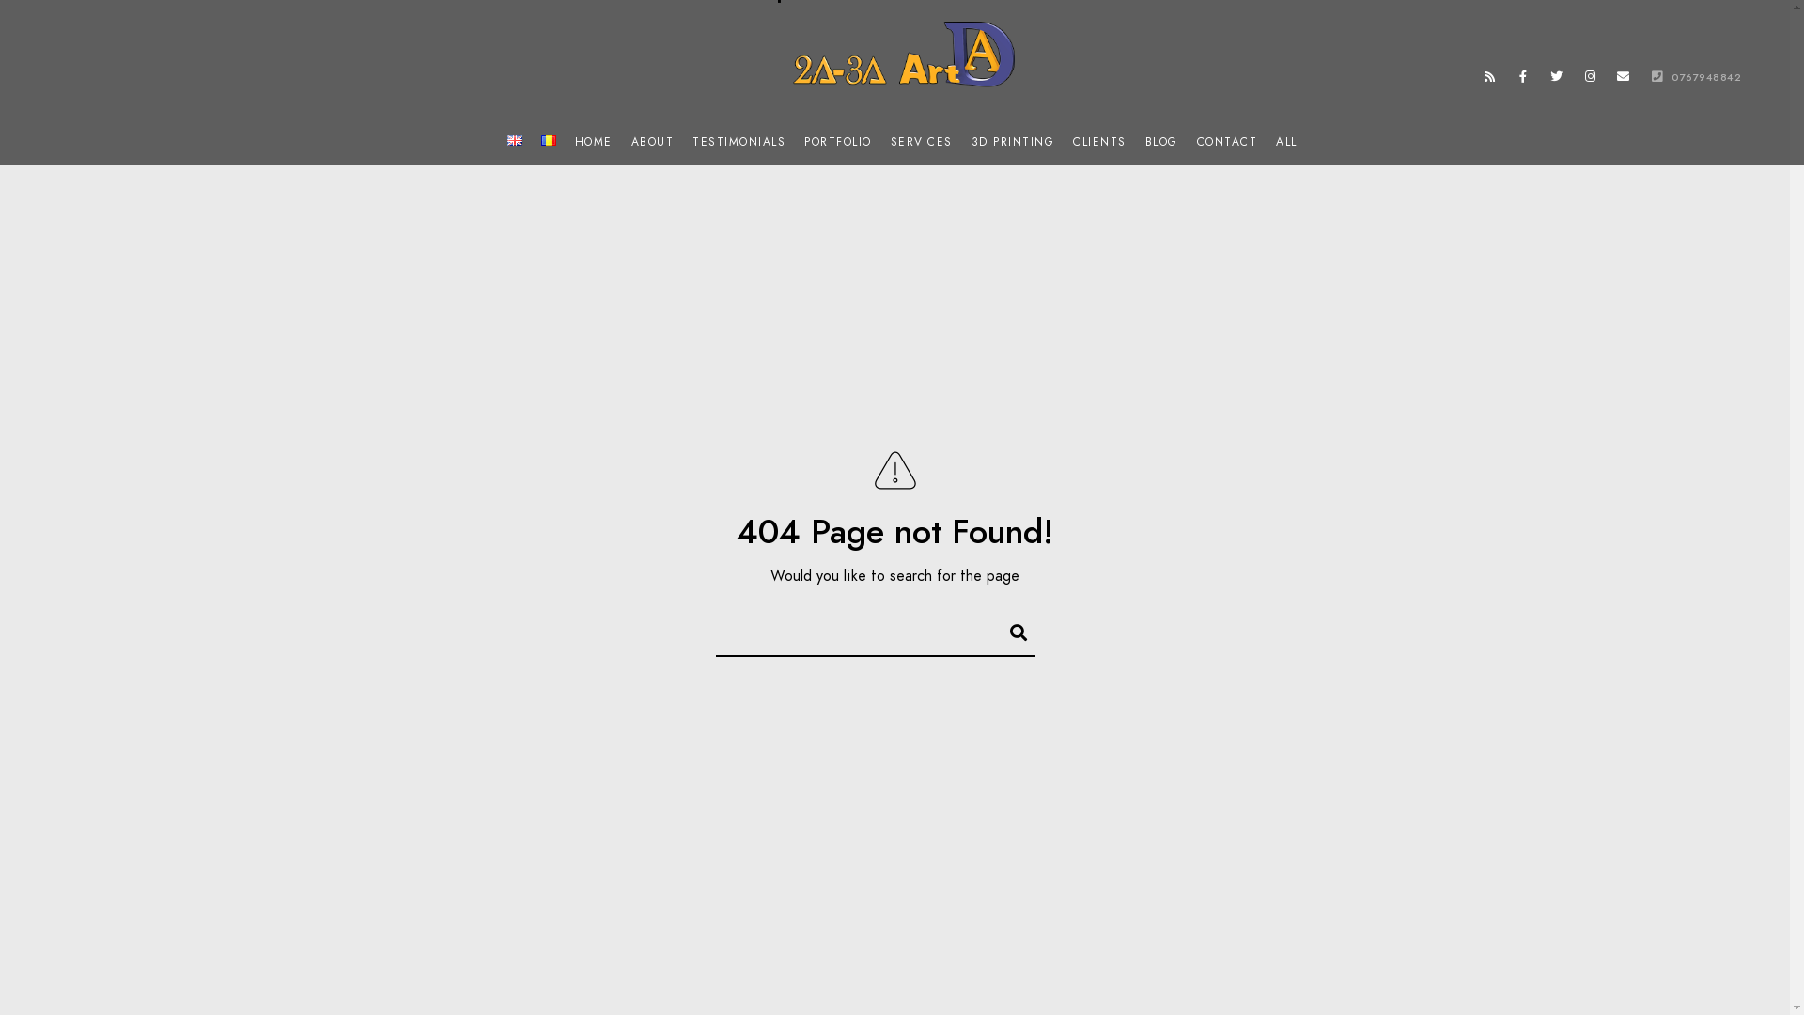 This screenshot has height=1015, width=1804. Describe the element at coordinates (738, 140) in the screenshot. I see `'TESTIMONIALS'` at that location.